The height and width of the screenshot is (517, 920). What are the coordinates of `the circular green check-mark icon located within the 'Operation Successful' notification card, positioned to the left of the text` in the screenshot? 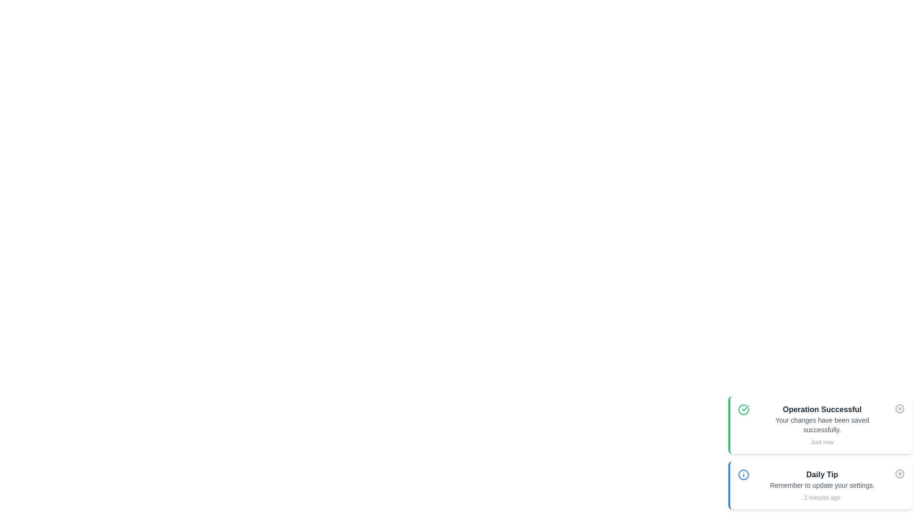 It's located at (743, 409).